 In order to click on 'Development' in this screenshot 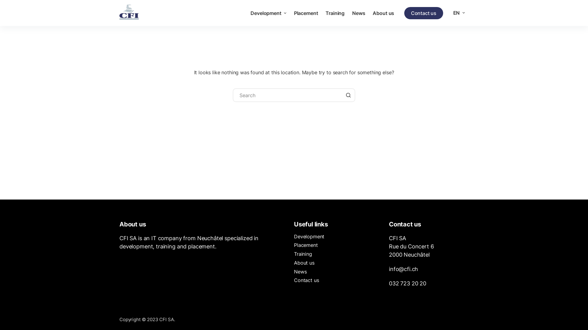, I will do `click(268, 13)`.